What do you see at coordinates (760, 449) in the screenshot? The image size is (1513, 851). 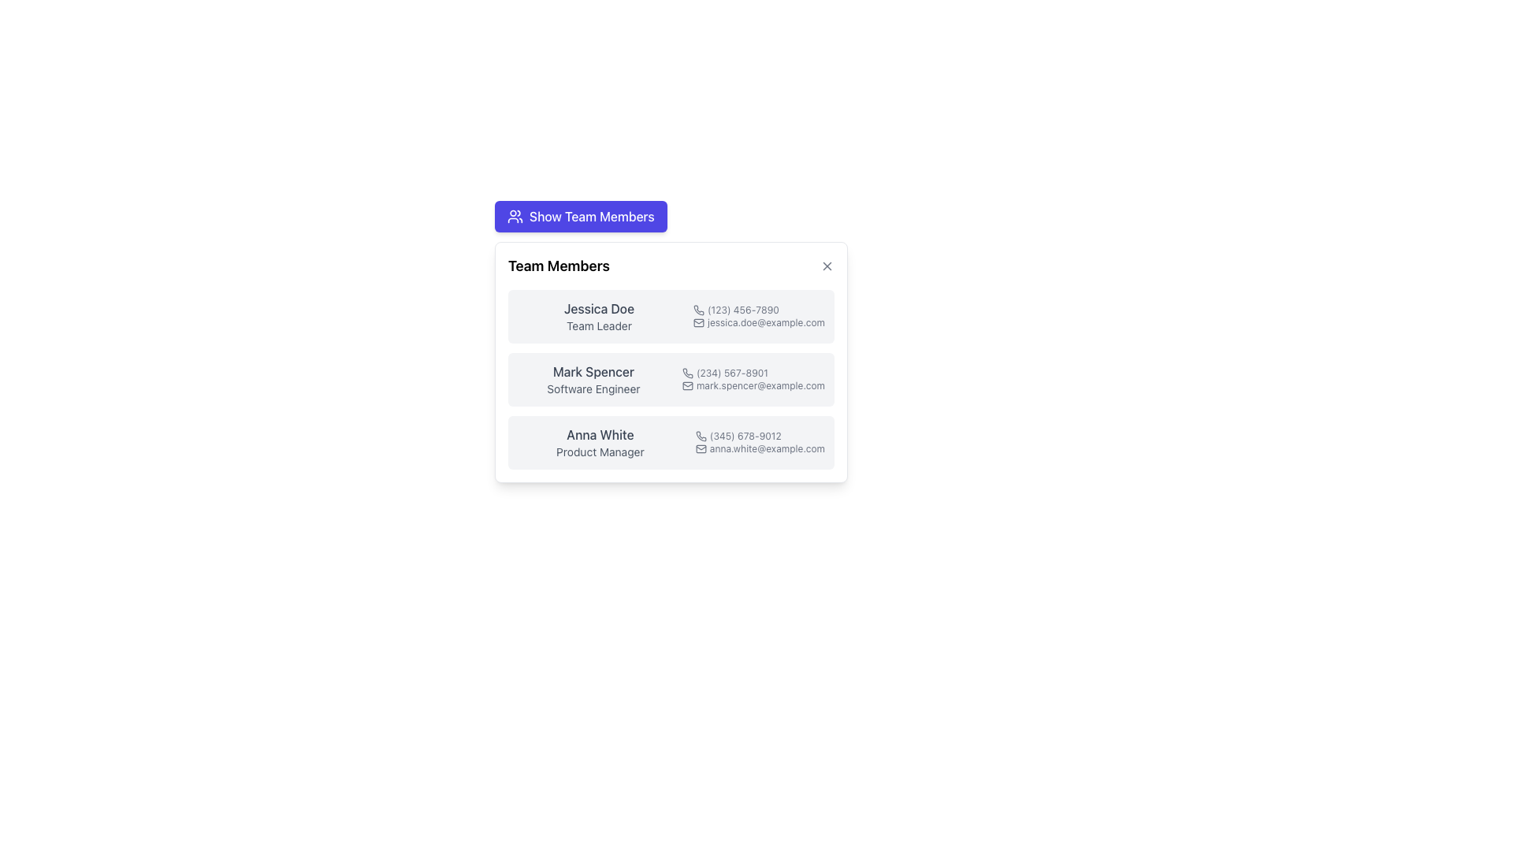 I see `the email address display for the team member Anna White, which is located in the third section of the 'Team Members' list, below her name and phone number, and aligned horizontally with a mail icon` at bounding box center [760, 449].